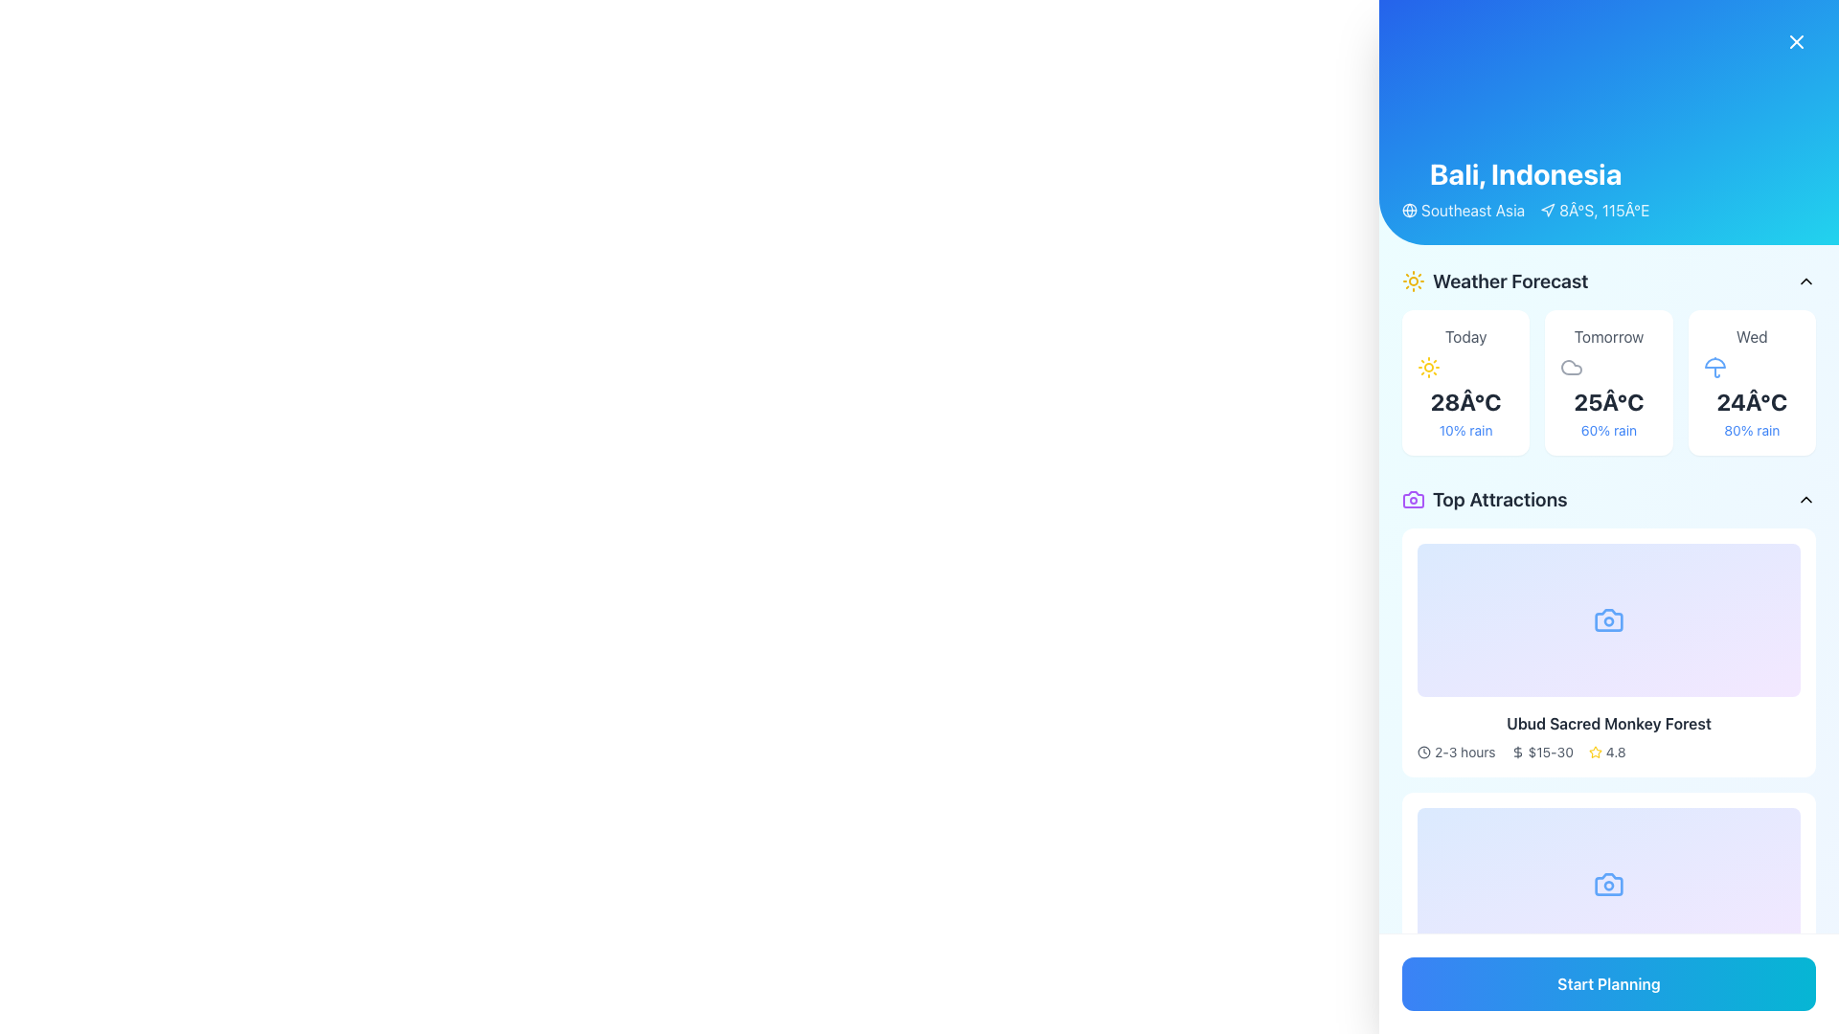 The width and height of the screenshot is (1839, 1034). I want to click on the text label that indicates the price range for the Ubud Sacred Monkey Forest attraction, which is located in the second row under the heading and is the second item after the time duration text, so click(1551, 1015).